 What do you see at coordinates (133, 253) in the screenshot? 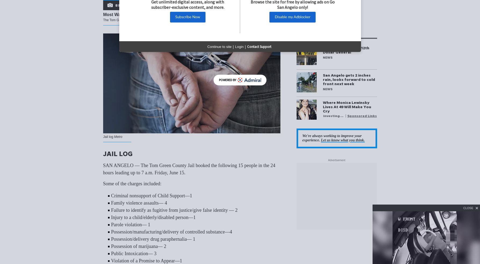
I see `'Public Intoxication— 3'` at bounding box center [133, 253].